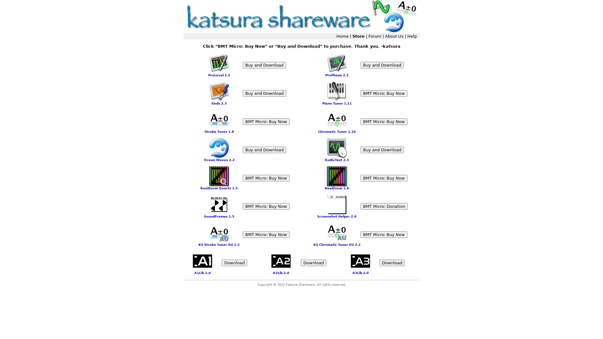 The image size is (603, 339). What do you see at coordinates (264, 150) in the screenshot?
I see `Buy and Download` at bounding box center [264, 150].